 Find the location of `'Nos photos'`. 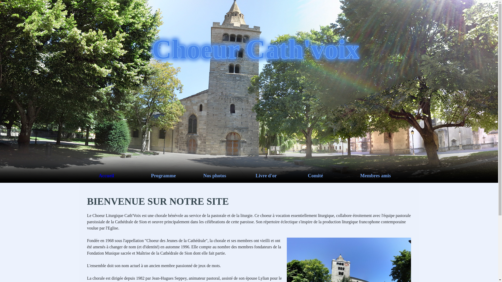

'Nos photos' is located at coordinates (230, 175).